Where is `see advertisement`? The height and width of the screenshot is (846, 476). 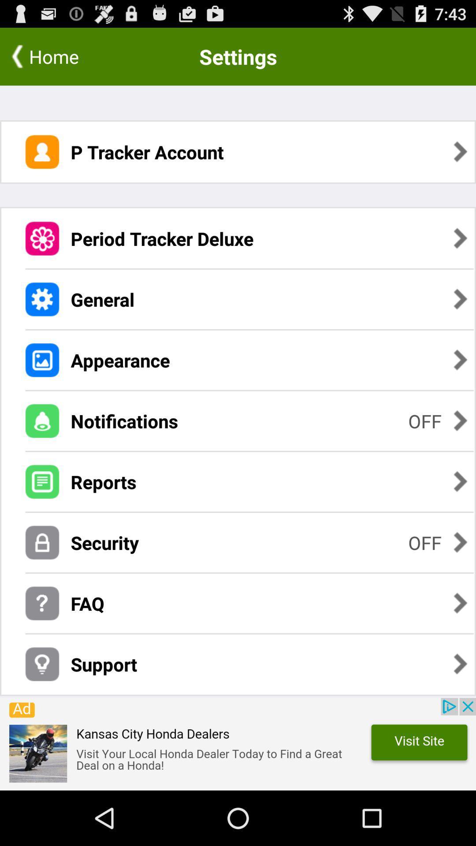 see advertisement is located at coordinates (238, 744).